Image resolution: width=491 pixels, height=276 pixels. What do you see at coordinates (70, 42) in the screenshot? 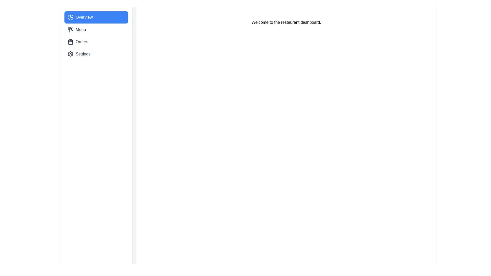
I see `the small clipboard icon located to the left of the 'Orders' text in the navigation menu` at bounding box center [70, 42].